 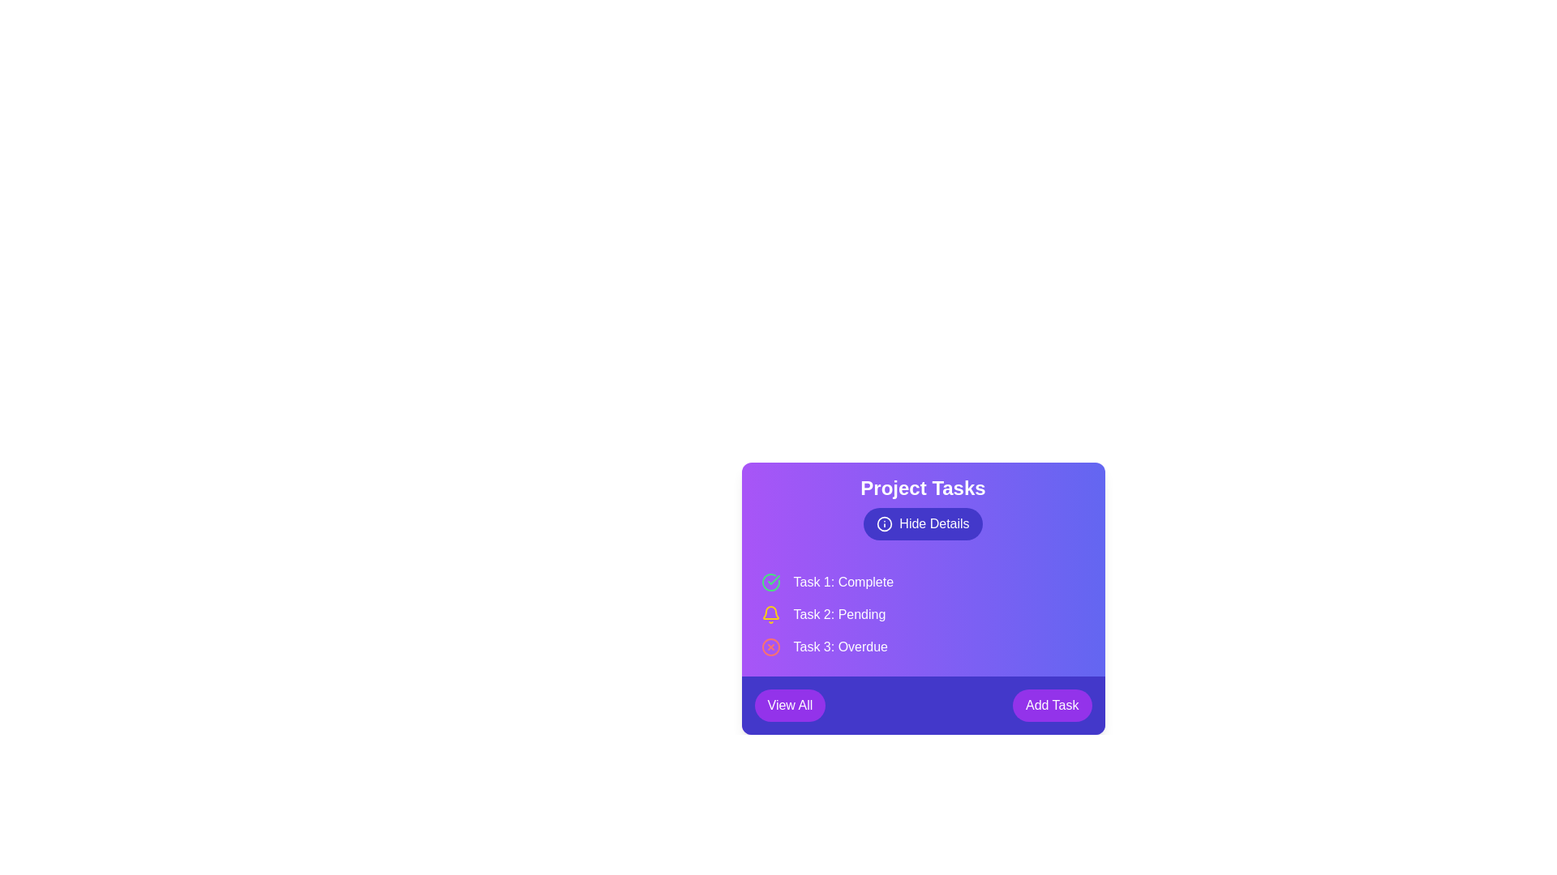 What do you see at coordinates (923, 524) in the screenshot?
I see `the 'Hide Details' button, which is a rounded rectangular deep indigo button with an information icon on the left, located below the 'Project Tasks' title` at bounding box center [923, 524].